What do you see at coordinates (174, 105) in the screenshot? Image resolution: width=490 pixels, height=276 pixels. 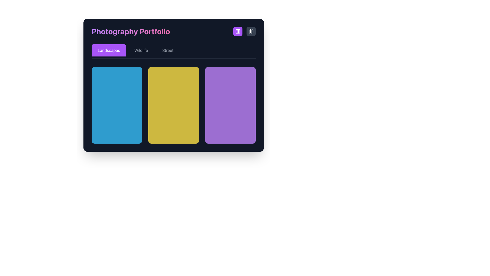 I see `the 'Desert Dunes' card, which has a gradient from yellow` at bounding box center [174, 105].